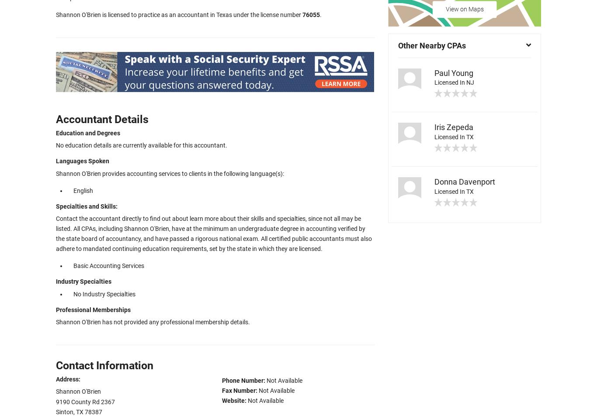 This screenshot has height=419, width=597. What do you see at coordinates (142, 145) in the screenshot?
I see `'No education details are currently available for this accountant.'` at bounding box center [142, 145].